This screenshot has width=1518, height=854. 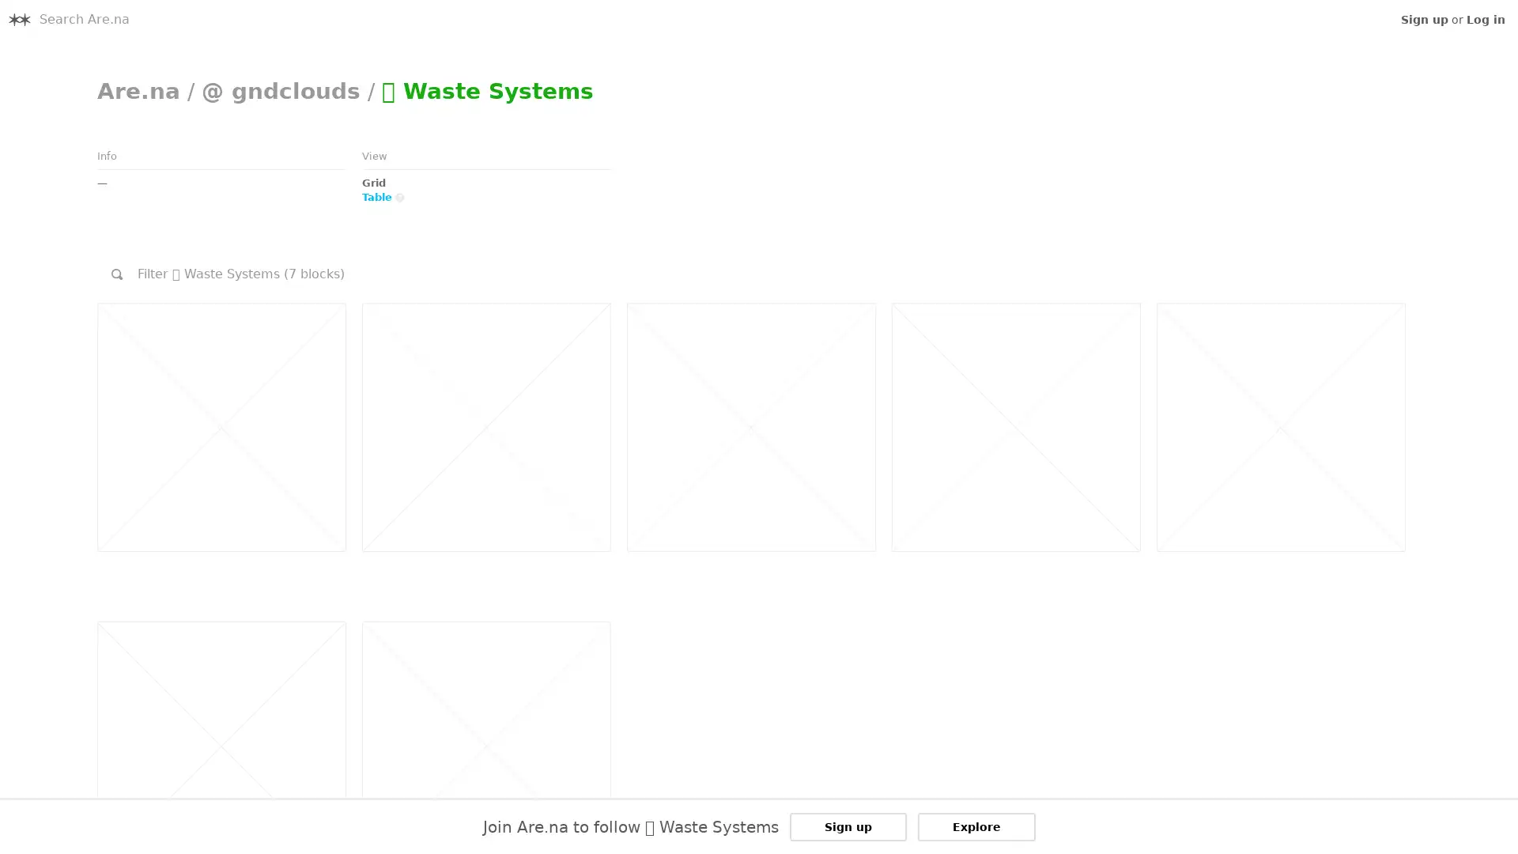 What do you see at coordinates (220, 427) in the screenshot?
I see `Link to Link: Recycling Animal and Human Dung is the Key to Sustainable Farming` at bounding box center [220, 427].